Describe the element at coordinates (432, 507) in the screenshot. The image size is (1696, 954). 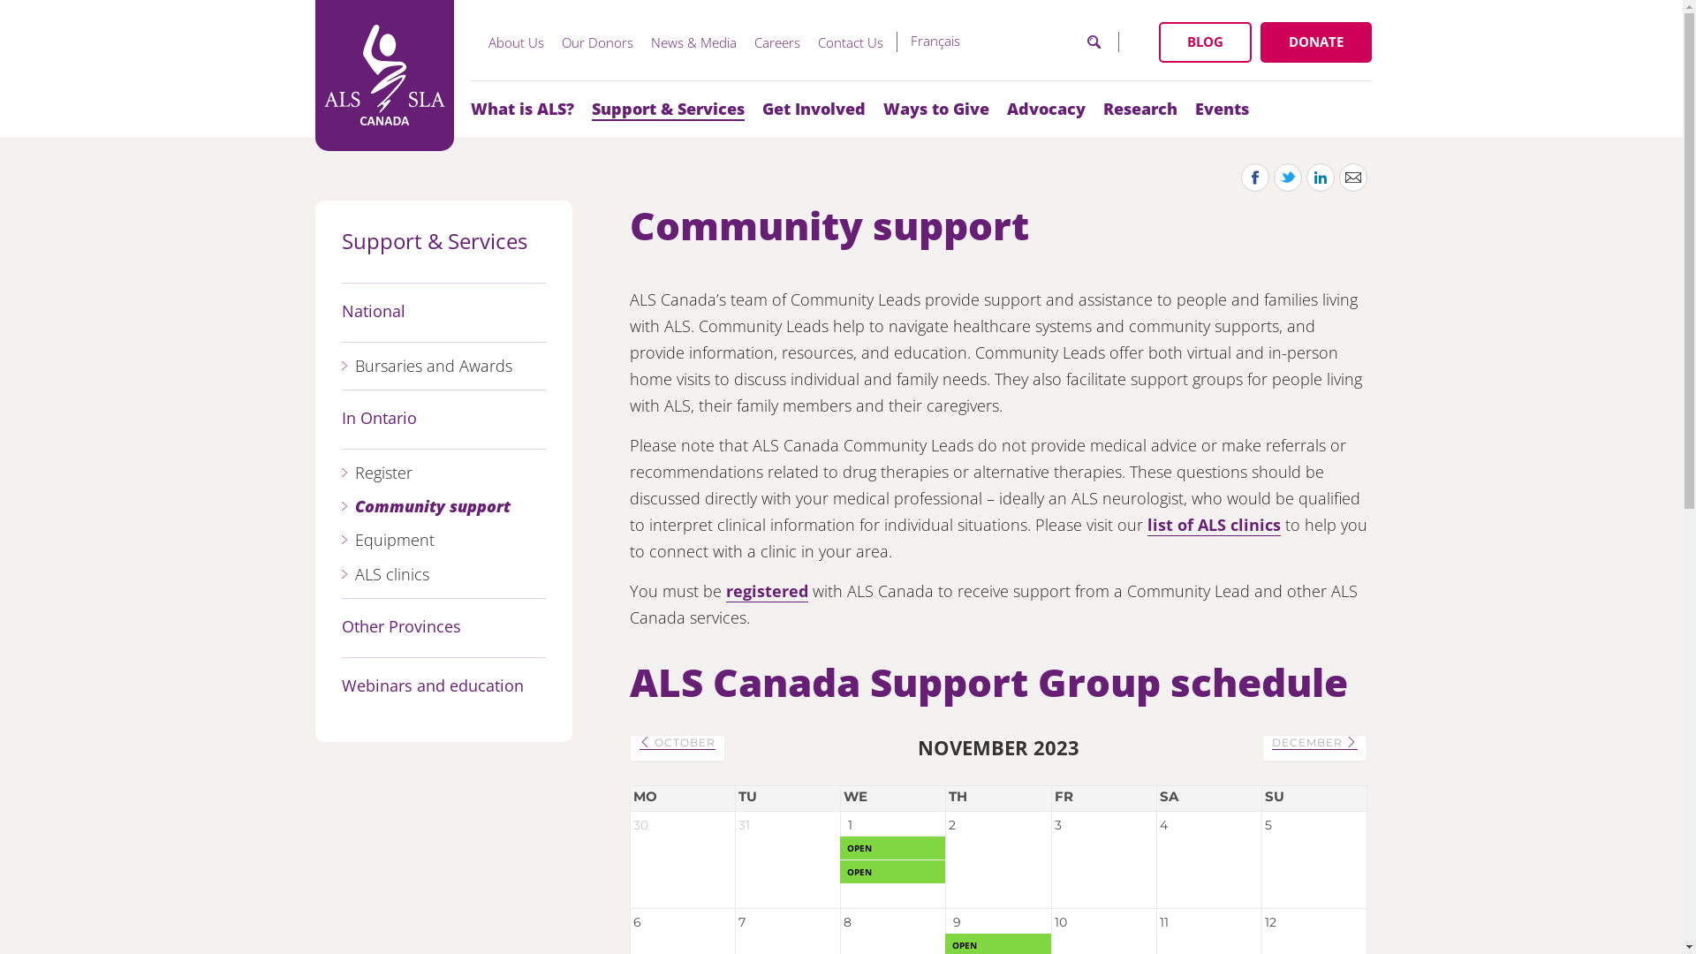
I see `'Community support'` at that location.